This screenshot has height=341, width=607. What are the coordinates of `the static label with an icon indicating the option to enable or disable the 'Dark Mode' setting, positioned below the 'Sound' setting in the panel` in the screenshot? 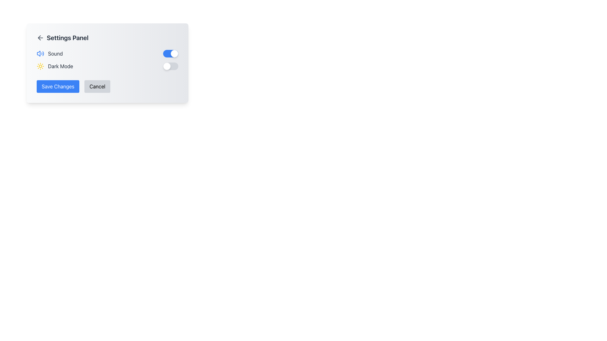 It's located at (55, 66).